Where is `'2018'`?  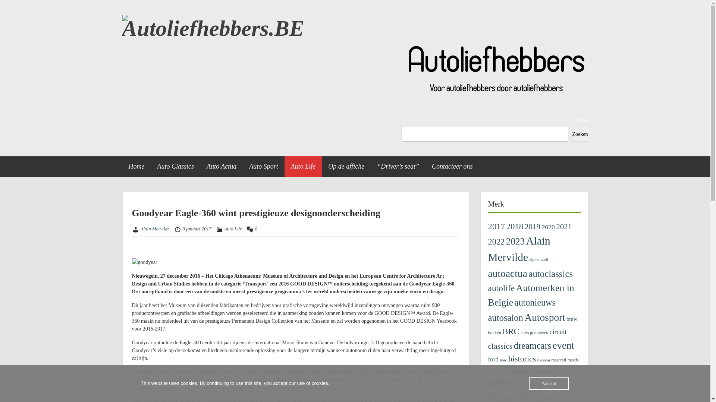 '2018' is located at coordinates (506, 226).